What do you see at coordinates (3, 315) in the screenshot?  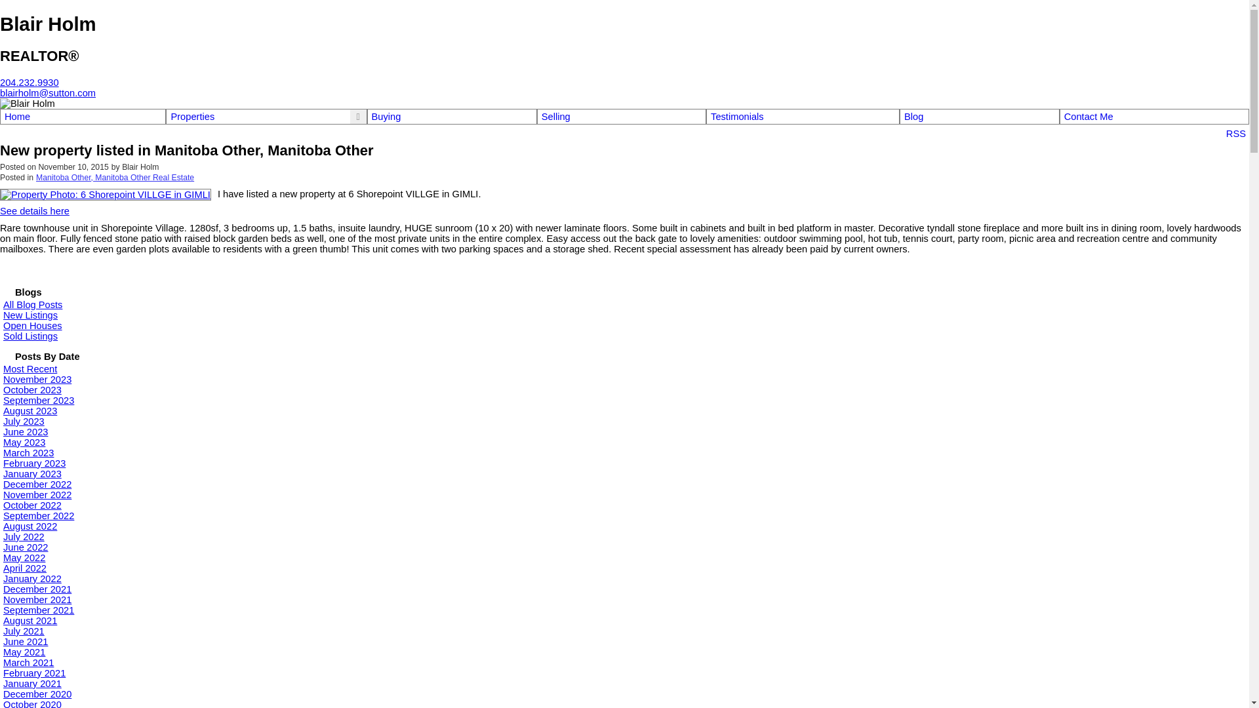 I see `'New Listings'` at bounding box center [3, 315].